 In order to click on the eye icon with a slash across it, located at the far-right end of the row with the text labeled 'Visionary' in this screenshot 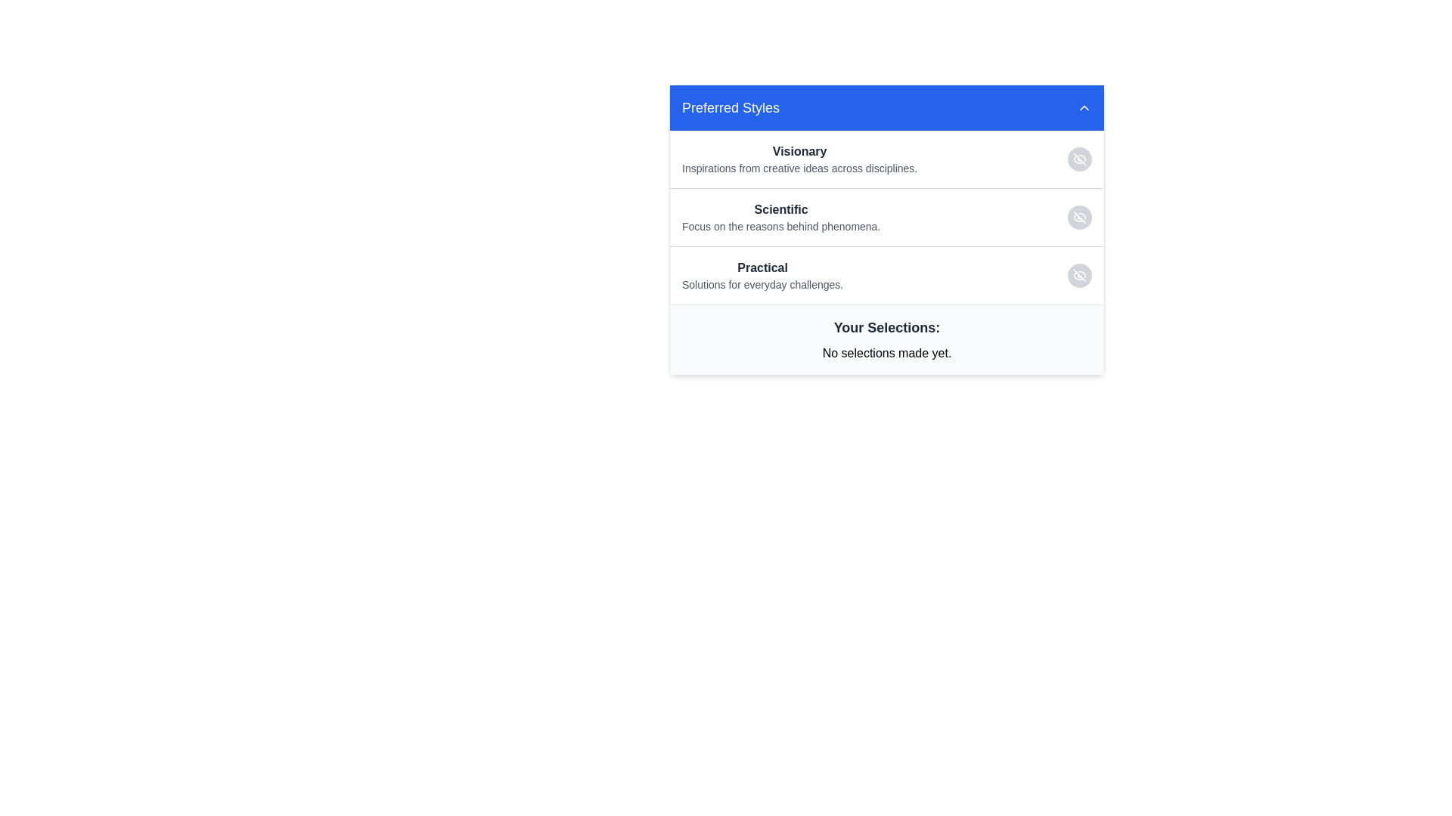, I will do `click(1079, 159)`.